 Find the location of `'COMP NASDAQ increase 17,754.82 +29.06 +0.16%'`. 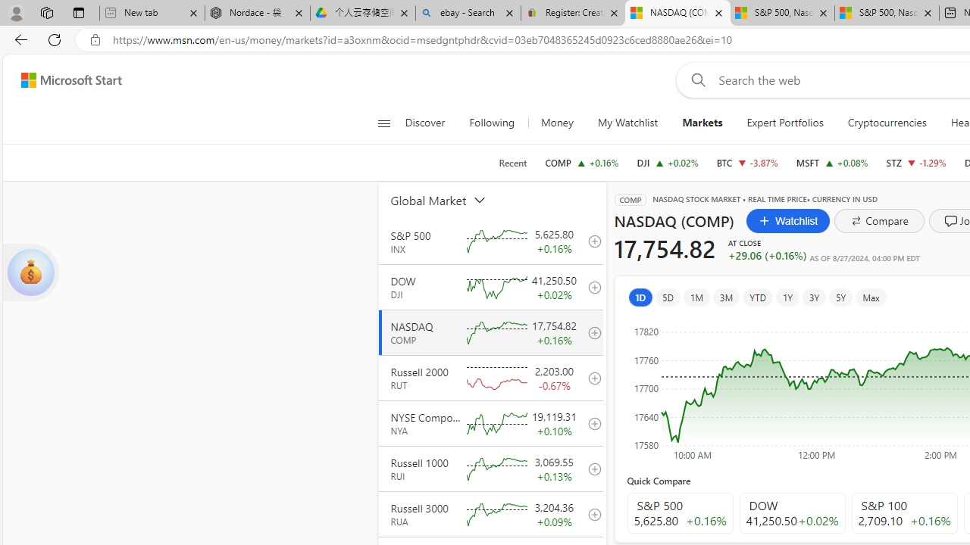

'COMP NASDAQ increase 17,754.82 +29.06 +0.16%' is located at coordinates (581, 162).